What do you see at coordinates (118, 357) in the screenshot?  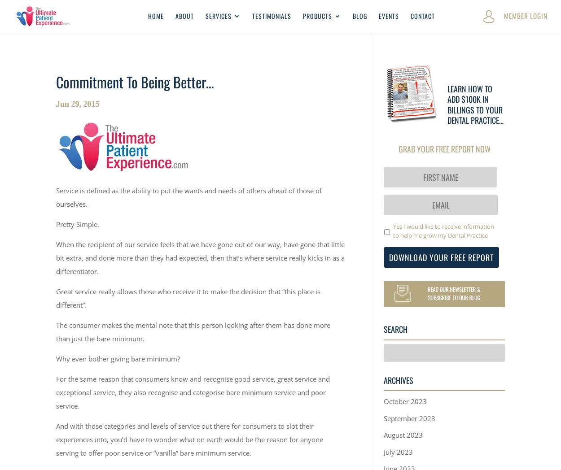 I see `'Why even bother giving bare minimum?'` at bounding box center [118, 357].